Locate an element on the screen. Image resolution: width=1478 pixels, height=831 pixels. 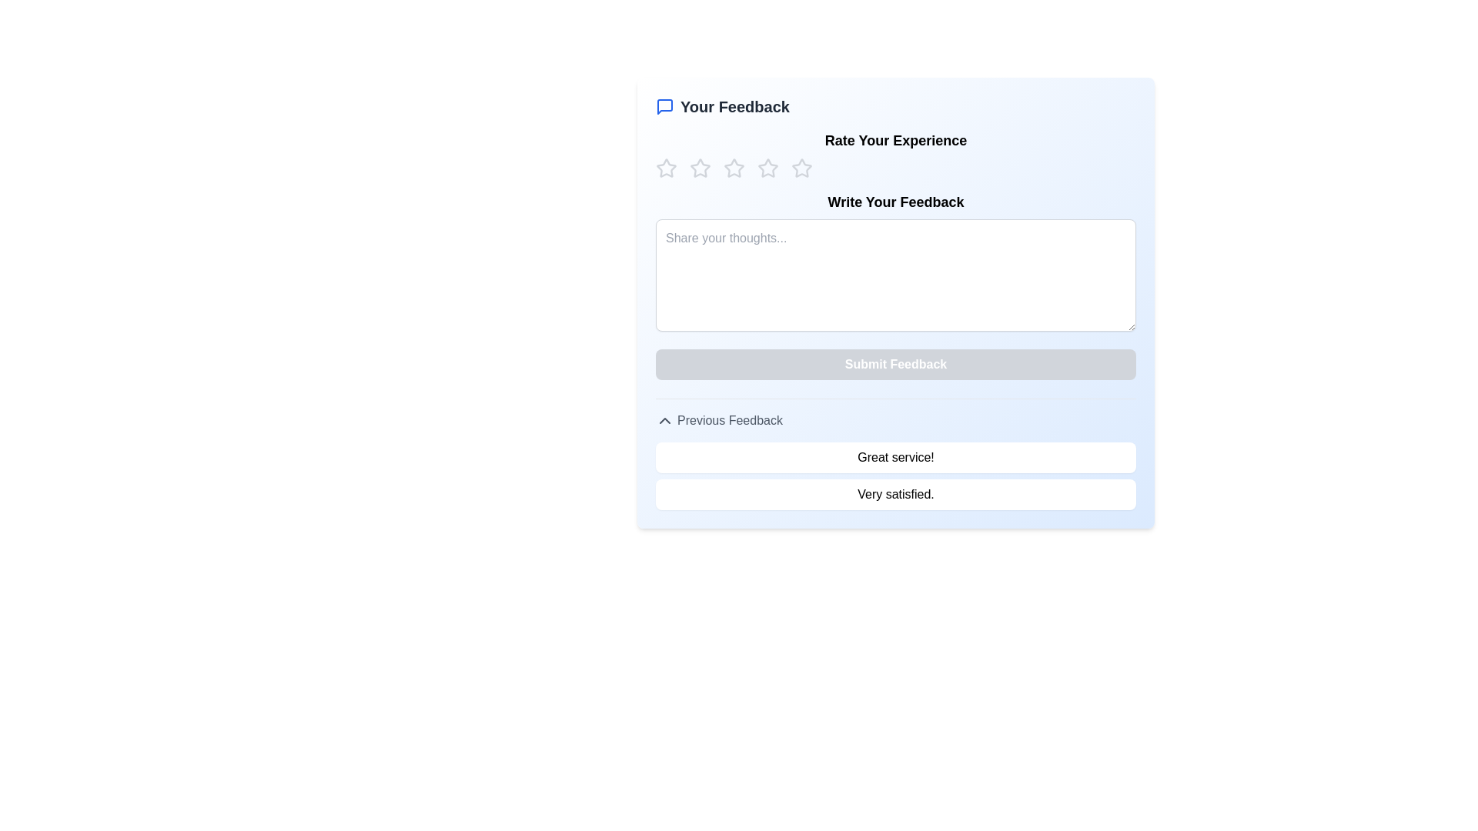
the Chevron or dropdown indicator icon located to the left of the 'Previous Feedback' text, which controls the expand/collapse behavior of the associated section is located at coordinates (665, 421).